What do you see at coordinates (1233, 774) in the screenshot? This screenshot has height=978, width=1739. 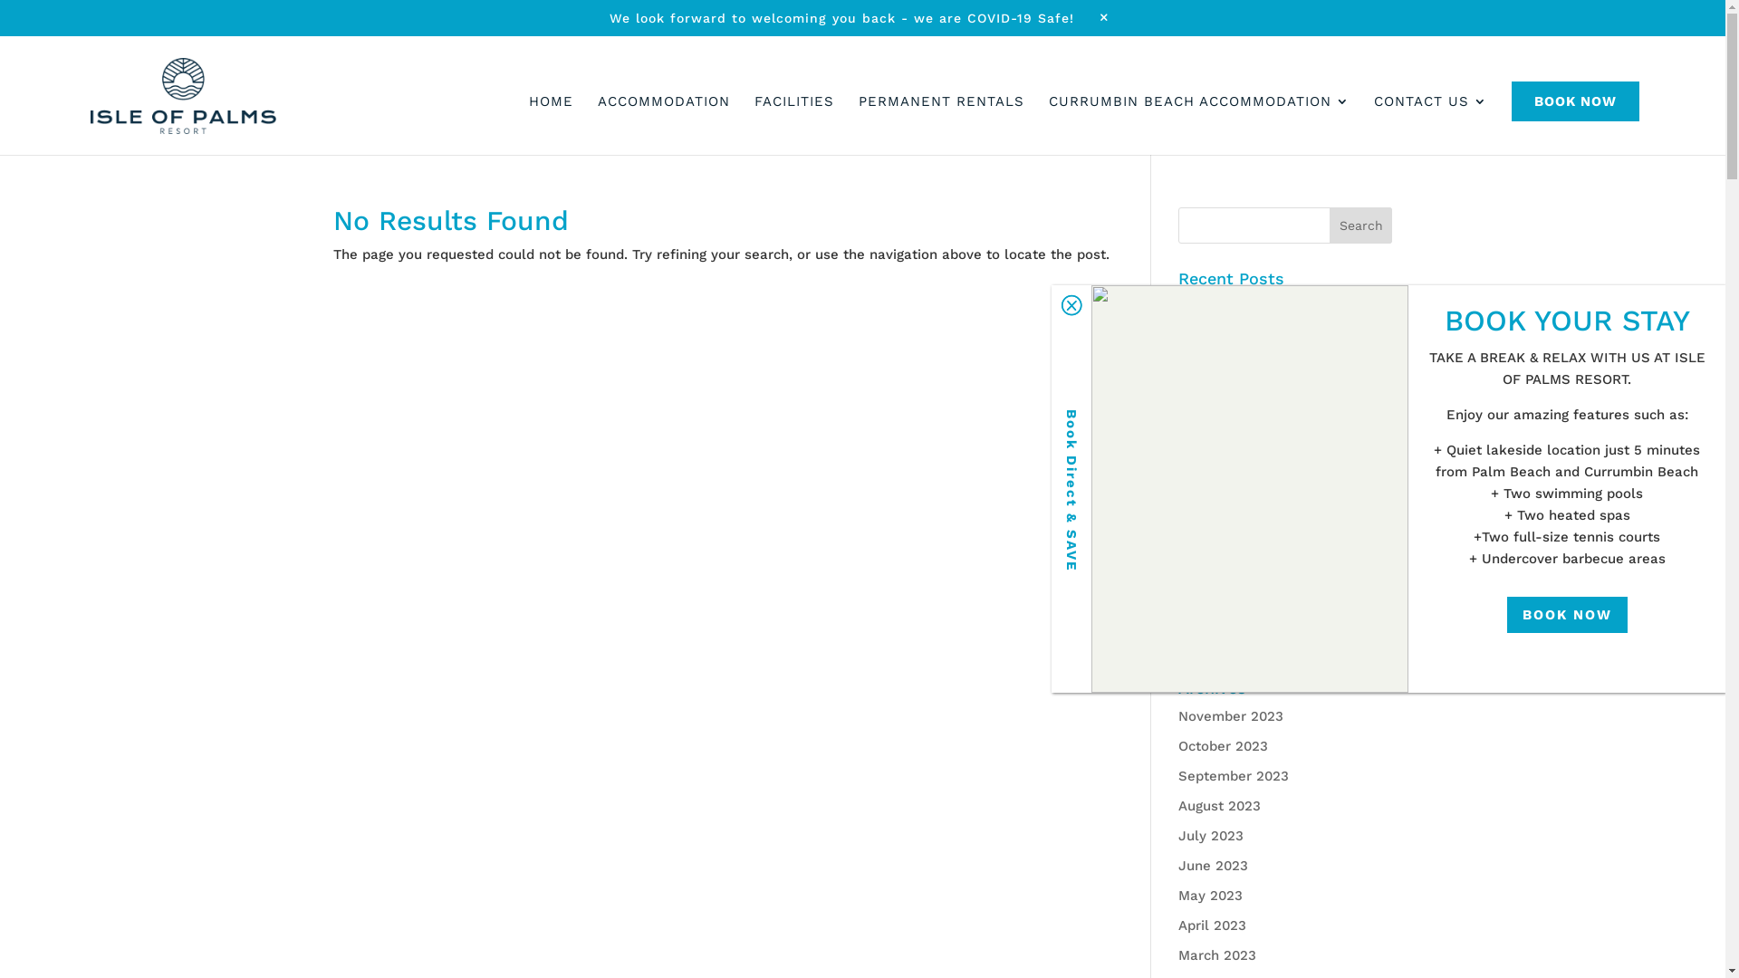 I see `'September 2023'` at bounding box center [1233, 774].